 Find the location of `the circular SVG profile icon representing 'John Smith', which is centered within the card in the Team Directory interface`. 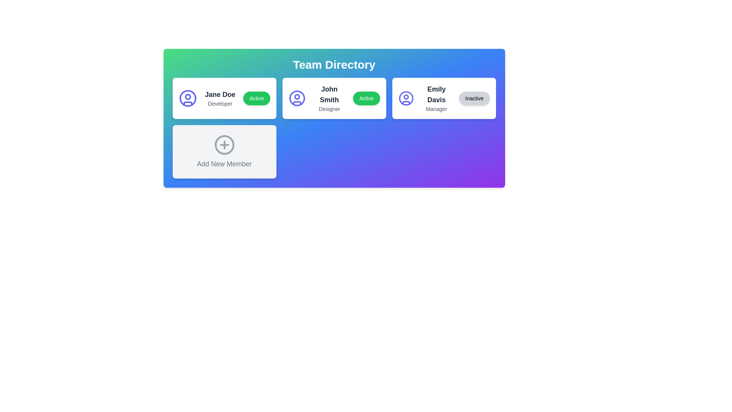

the circular SVG profile icon representing 'John Smith', which is centered within the card in the Team Directory interface is located at coordinates (297, 98).